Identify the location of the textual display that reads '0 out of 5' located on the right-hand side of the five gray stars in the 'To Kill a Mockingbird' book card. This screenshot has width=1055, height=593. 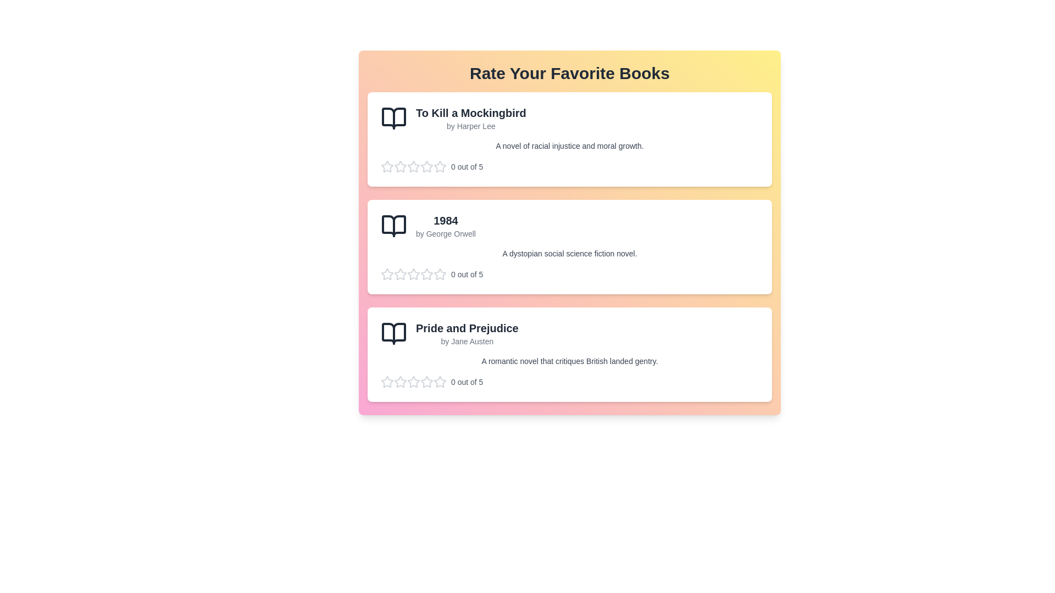
(569, 167).